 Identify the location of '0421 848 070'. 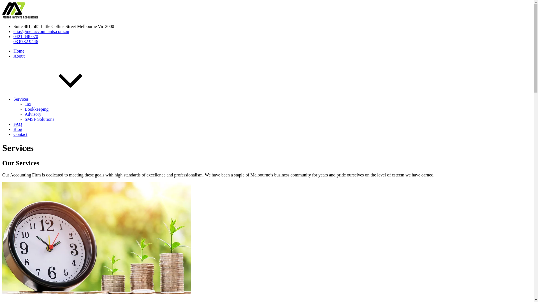
(25, 36).